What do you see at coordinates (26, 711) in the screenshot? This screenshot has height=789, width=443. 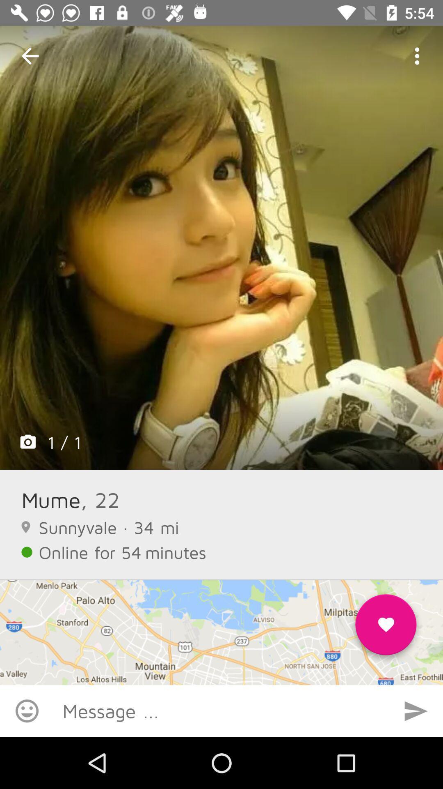 I see `smily` at bounding box center [26, 711].